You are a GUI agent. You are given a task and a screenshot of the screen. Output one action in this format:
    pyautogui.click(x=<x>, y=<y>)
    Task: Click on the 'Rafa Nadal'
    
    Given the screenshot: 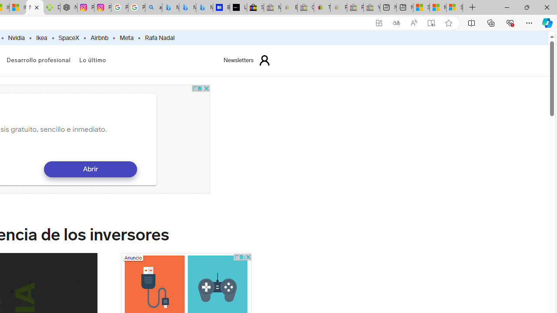 What is the action you would take?
    pyautogui.click(x=160, y=38)
    